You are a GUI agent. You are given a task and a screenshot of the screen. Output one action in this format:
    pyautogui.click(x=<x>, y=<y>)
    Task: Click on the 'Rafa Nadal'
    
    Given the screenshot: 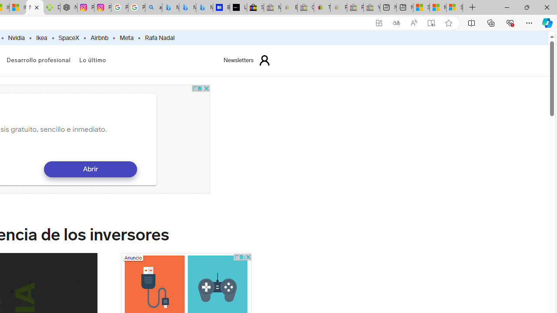 What is the action you would take?
    pyautogui.click(x=160, y=38)
    